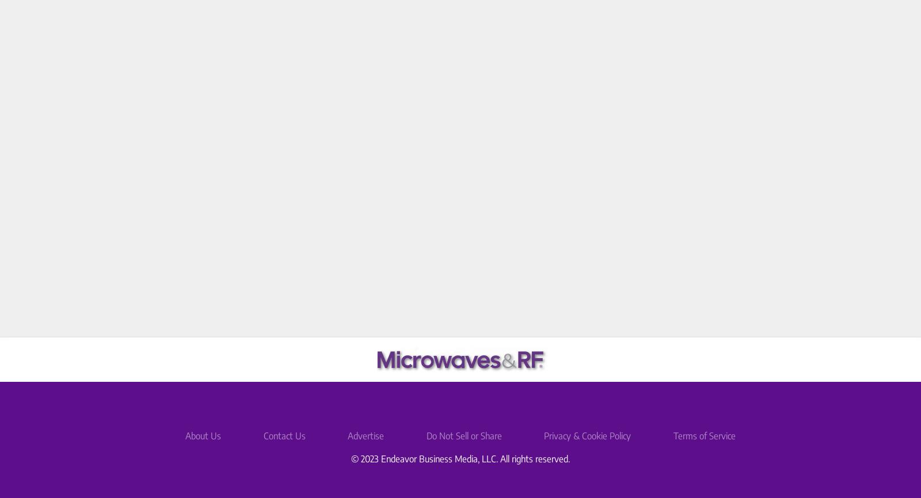 The image size is (921, 498). I want to click on '© 2023 Endeavor Business Media, LLC. All rights reserved.', so click(461, 457).